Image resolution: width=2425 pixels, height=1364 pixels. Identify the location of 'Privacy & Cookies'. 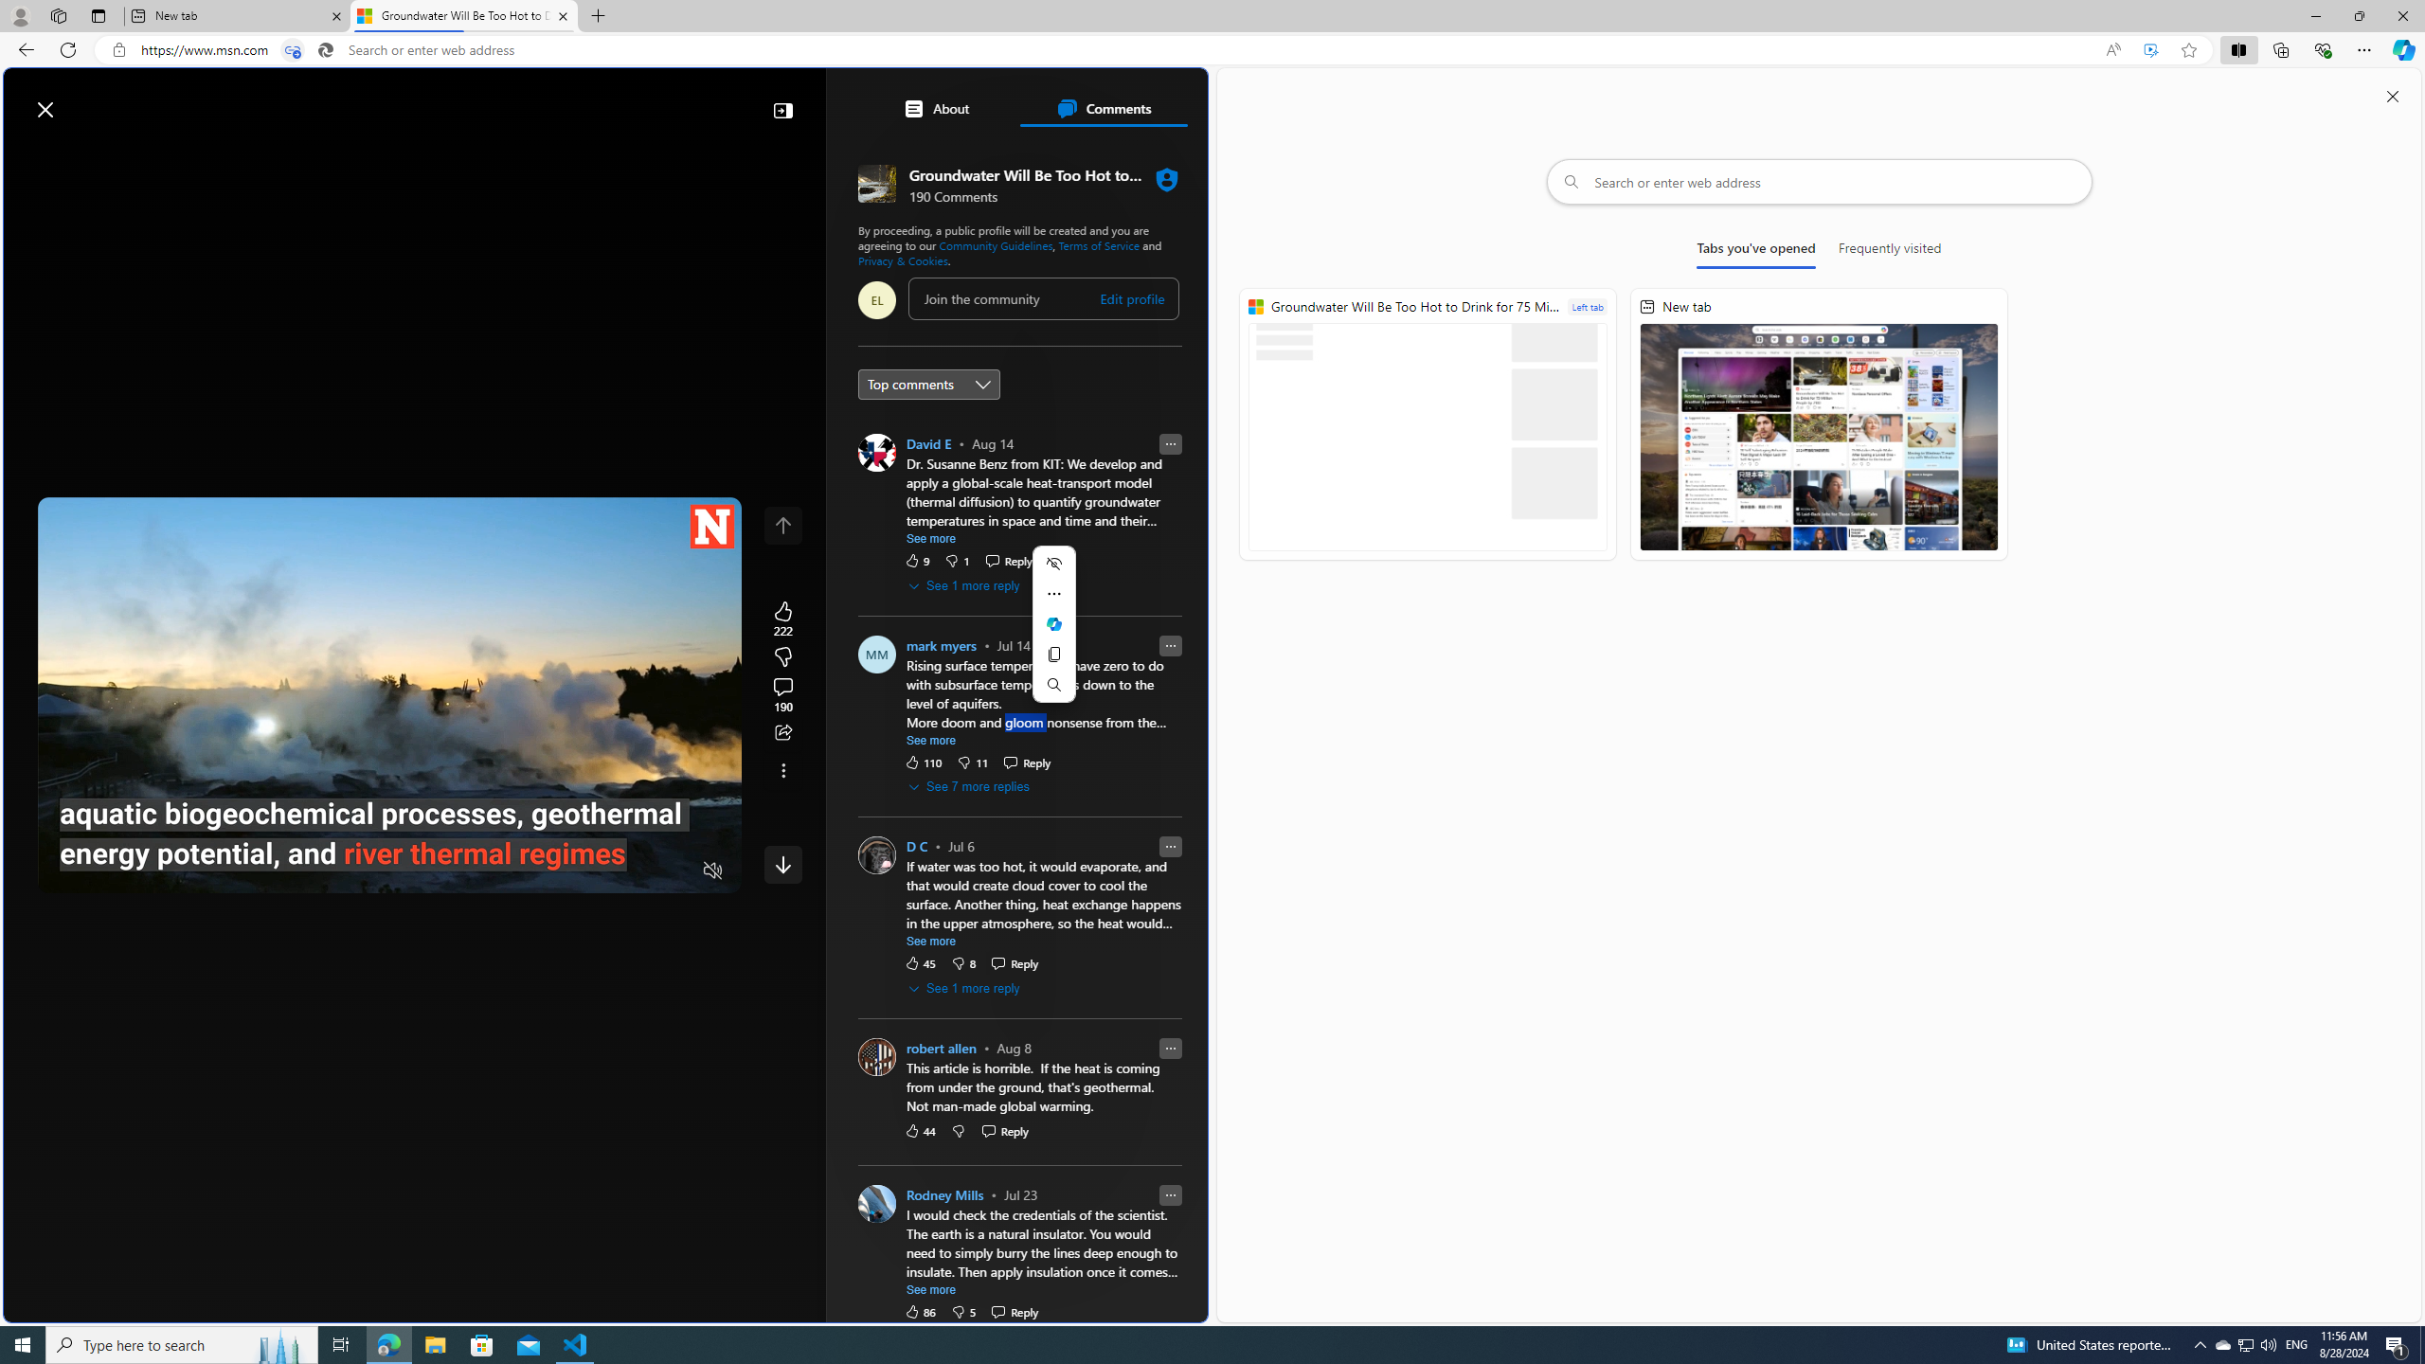
(903, 260).